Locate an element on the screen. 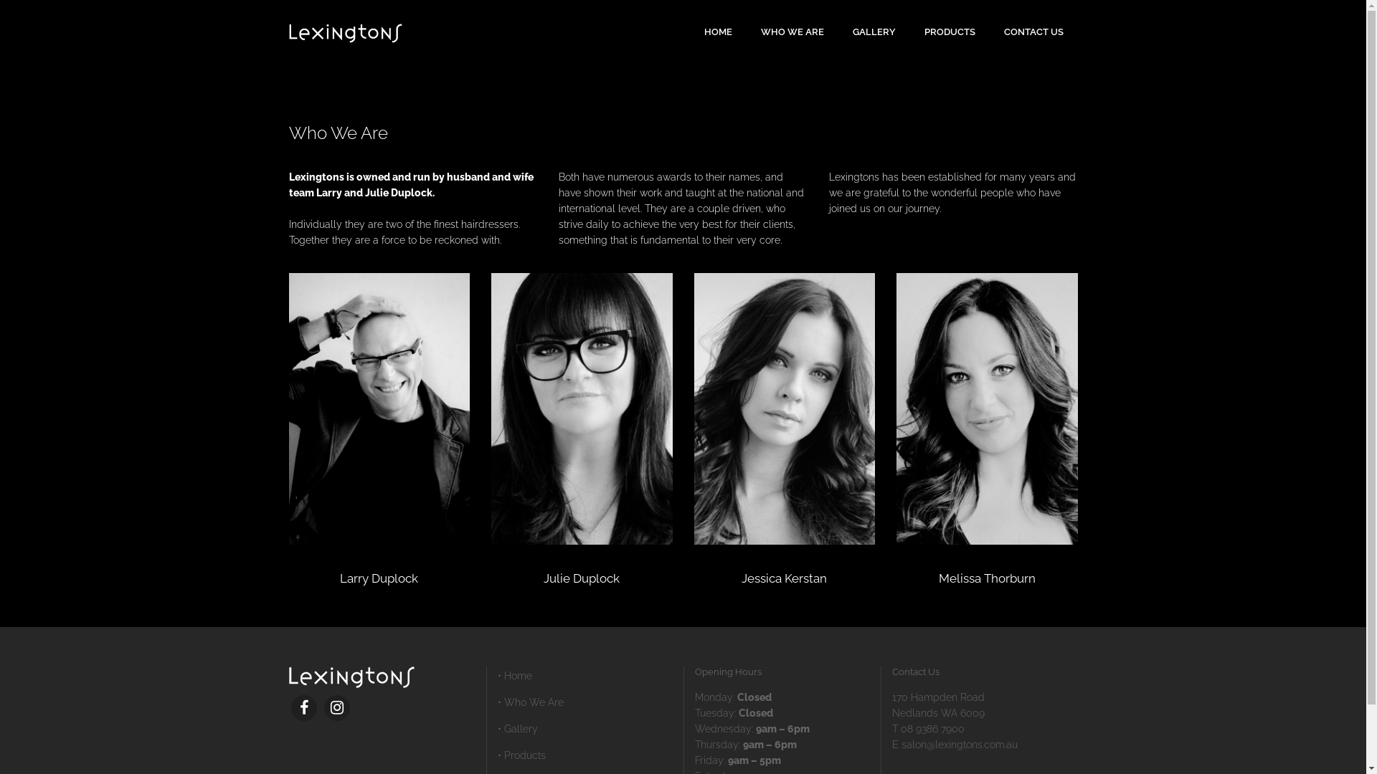 This screenshot has width=1377, height=774. 'Larry' is located at coordinates (379, 408).